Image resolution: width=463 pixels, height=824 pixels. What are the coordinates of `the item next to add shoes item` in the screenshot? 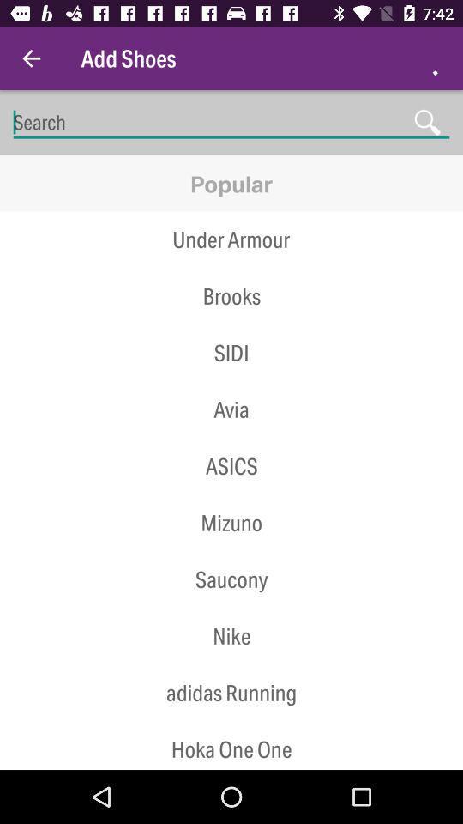 It's located at (31, 58).